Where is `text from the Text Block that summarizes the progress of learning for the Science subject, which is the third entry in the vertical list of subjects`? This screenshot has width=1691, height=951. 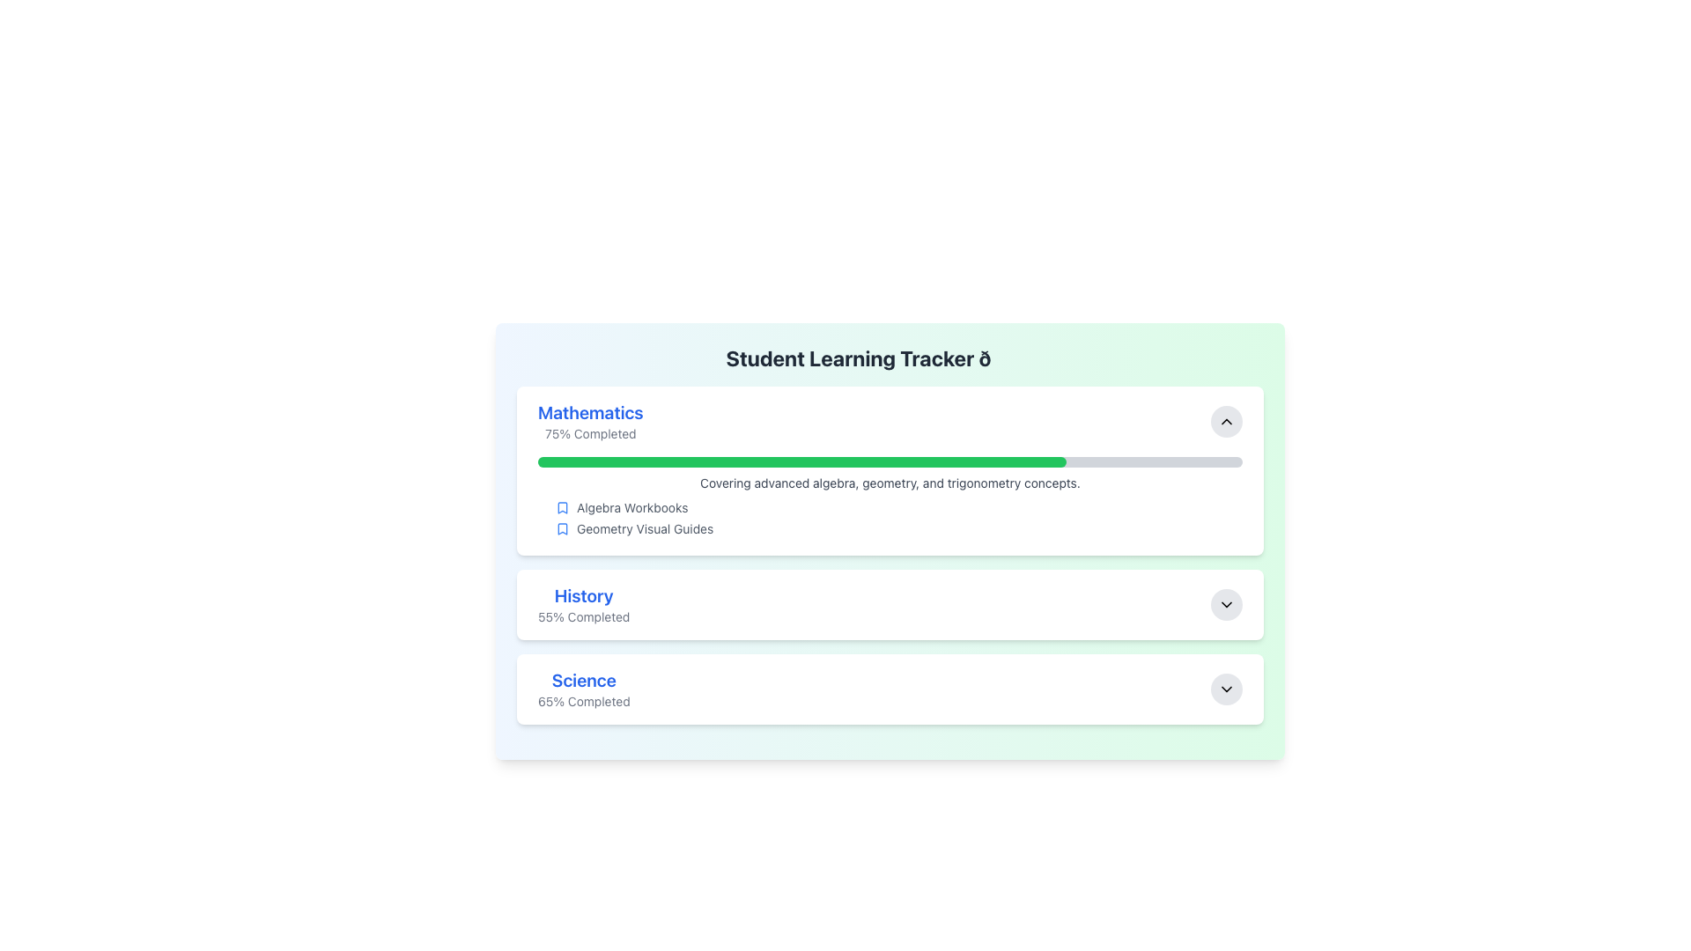 text from the Text Block that summarizes the progress of learning for the Science subject, which is the third entry in the vertical list of subjects is located at coordinates (584, 689).